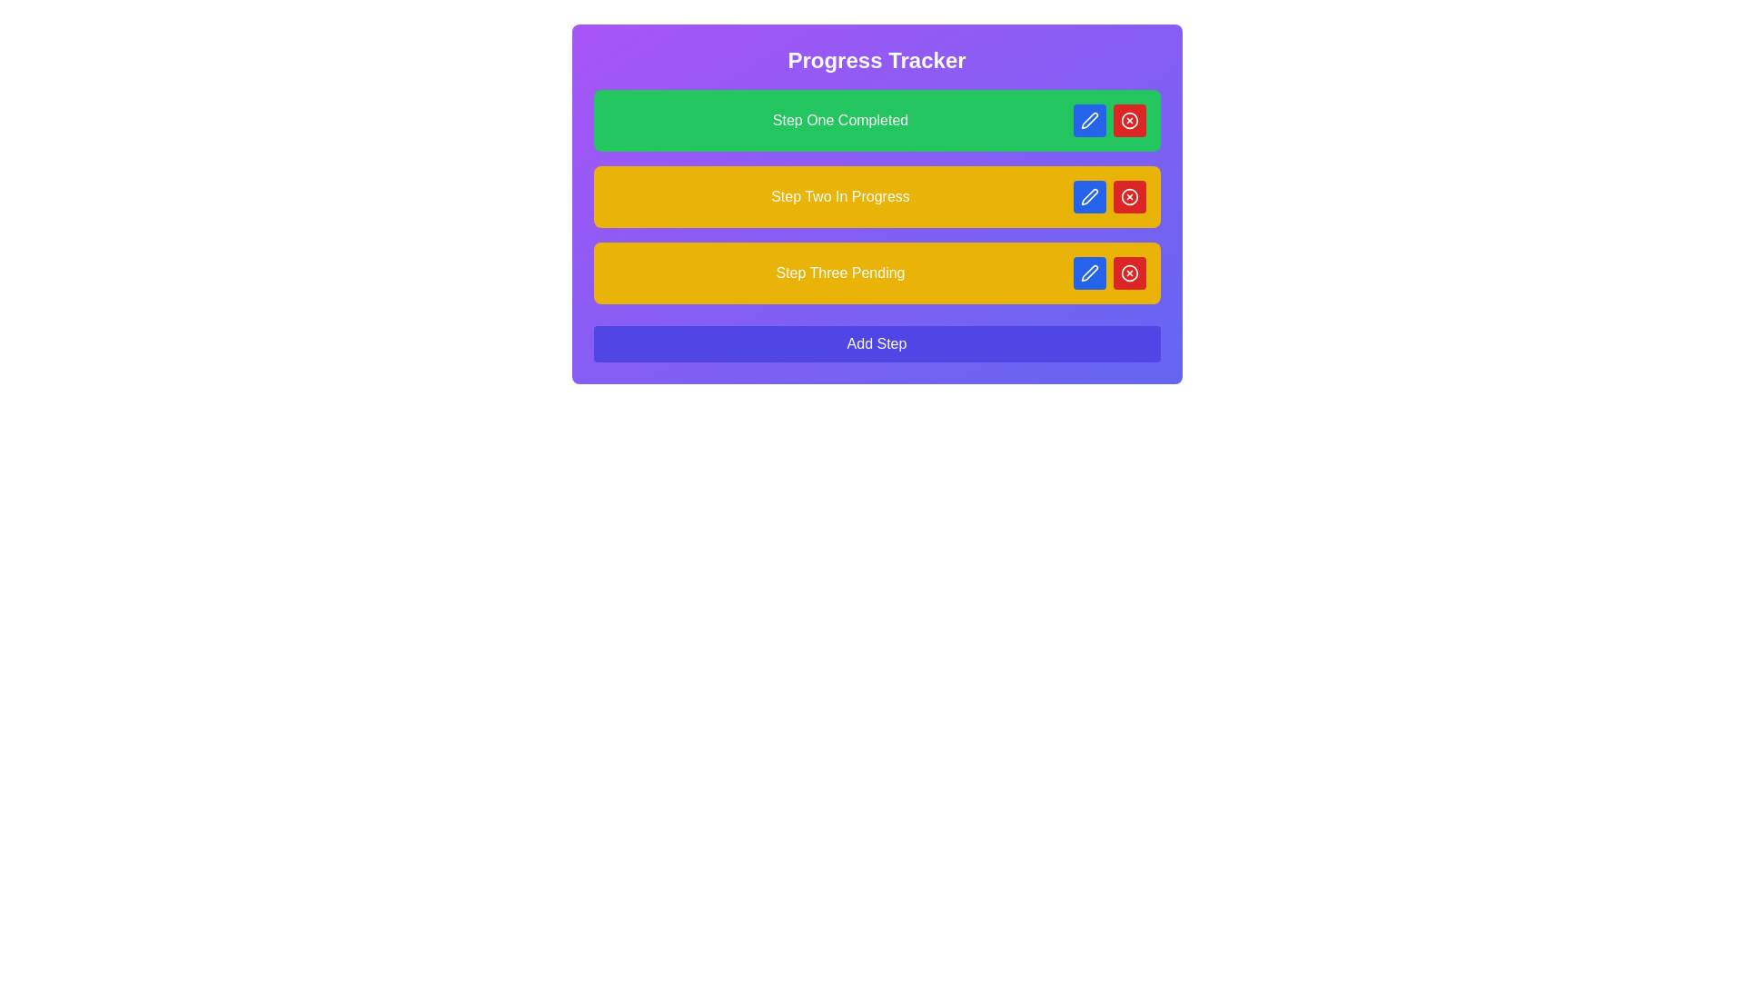  I want to click on the Icon button located in the 'Step Two In Progress' section to initiate the editing process for the associated details, so click(1089, 196).